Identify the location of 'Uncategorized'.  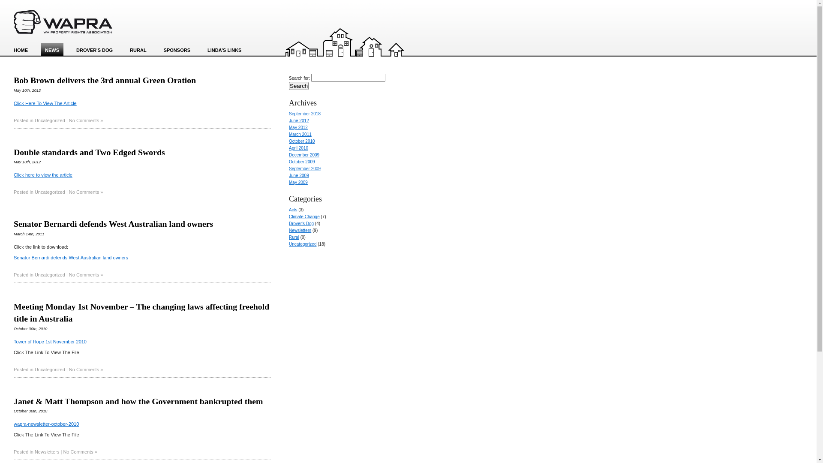
(49, 120).